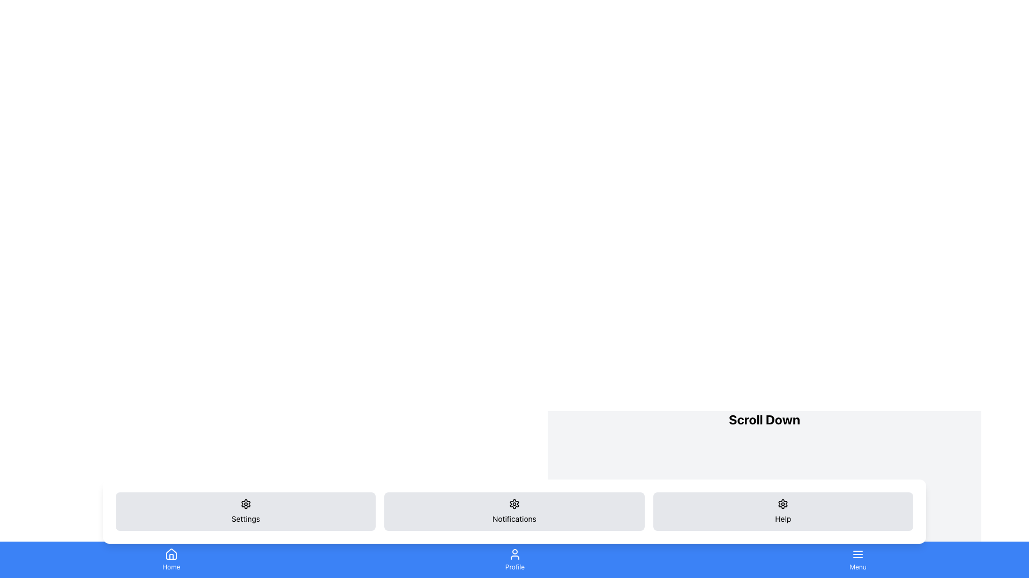  I want to click on the informational text element labeled 'Scroll Down' which prompts users, so click(764, 419).